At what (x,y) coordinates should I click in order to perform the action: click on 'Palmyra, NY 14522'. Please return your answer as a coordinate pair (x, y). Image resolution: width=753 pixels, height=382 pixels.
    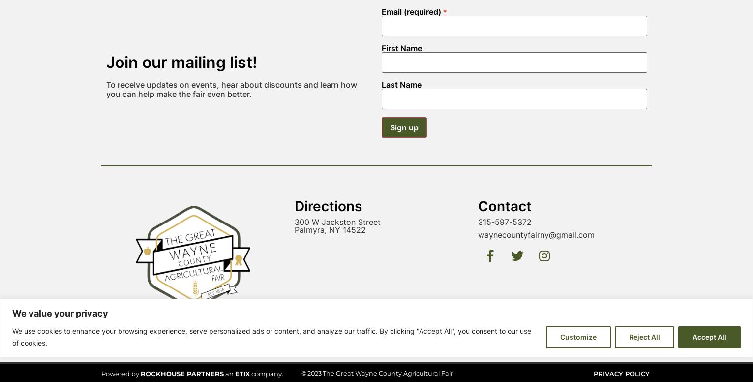
    Looking at the image, I should click on (329, 92).